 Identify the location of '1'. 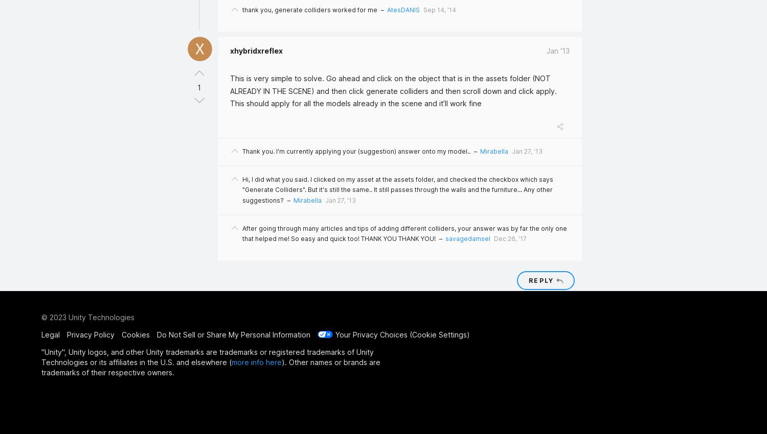
(197, 87).